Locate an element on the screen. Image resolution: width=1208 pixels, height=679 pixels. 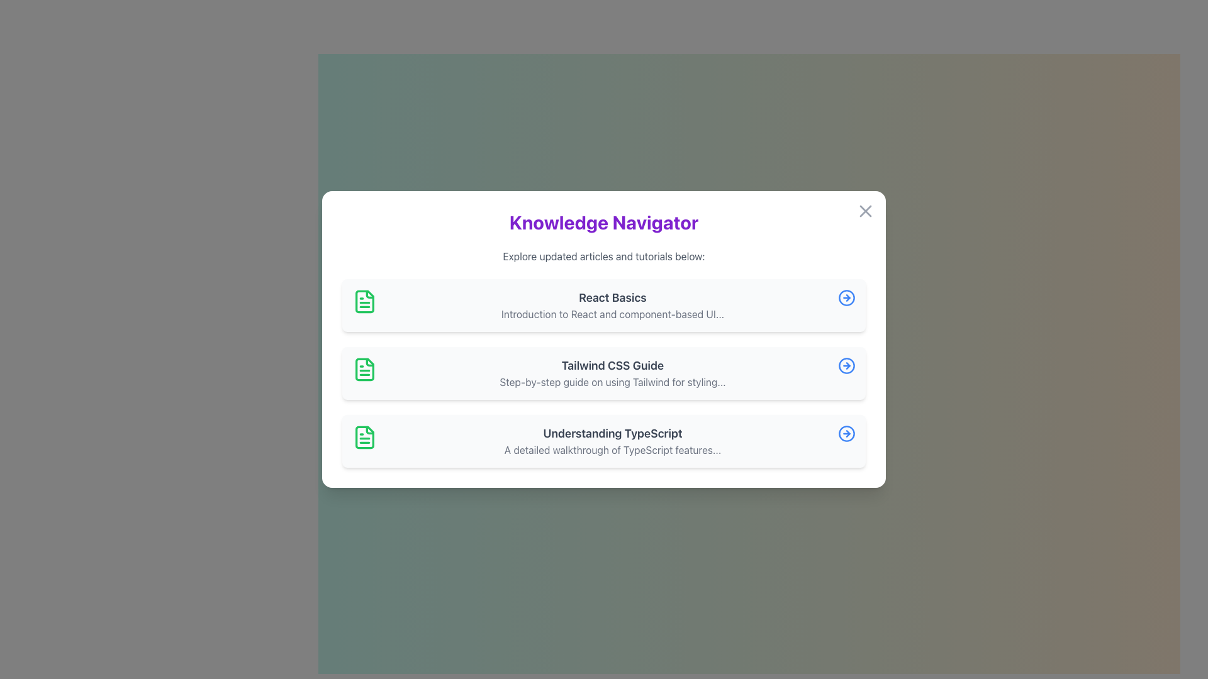
the text element that provides a summary related to the title 'React Basics', located directly below it in the layout is located at coordinates (613, 314).